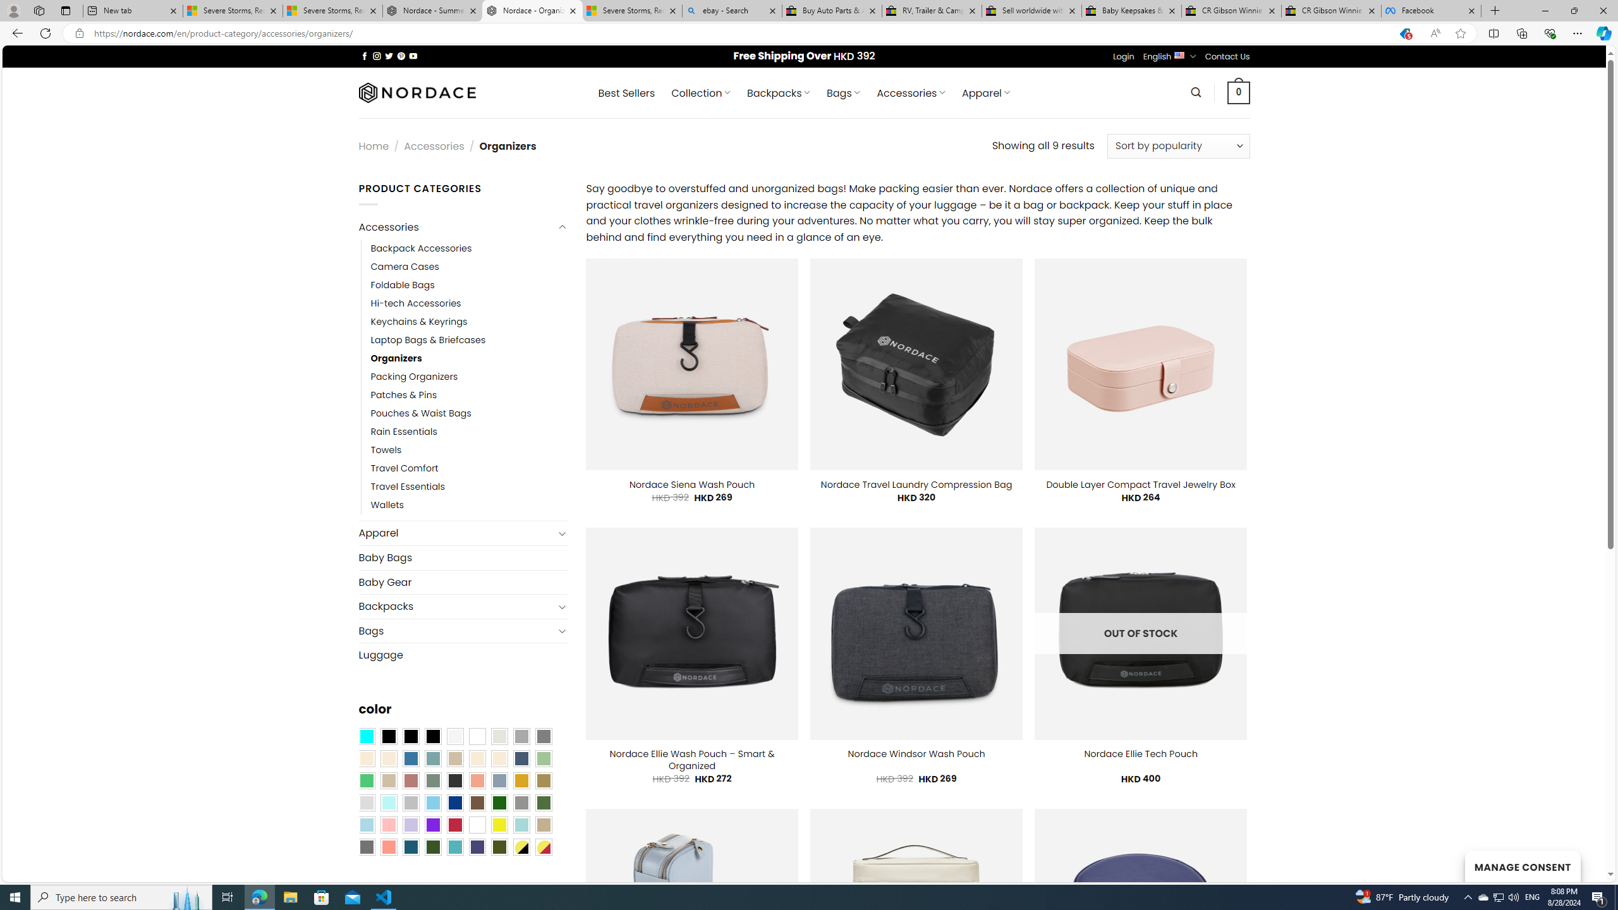 The height and width of the screenshot is (910, 1618). I want to click on 'White', so click(477, 823).